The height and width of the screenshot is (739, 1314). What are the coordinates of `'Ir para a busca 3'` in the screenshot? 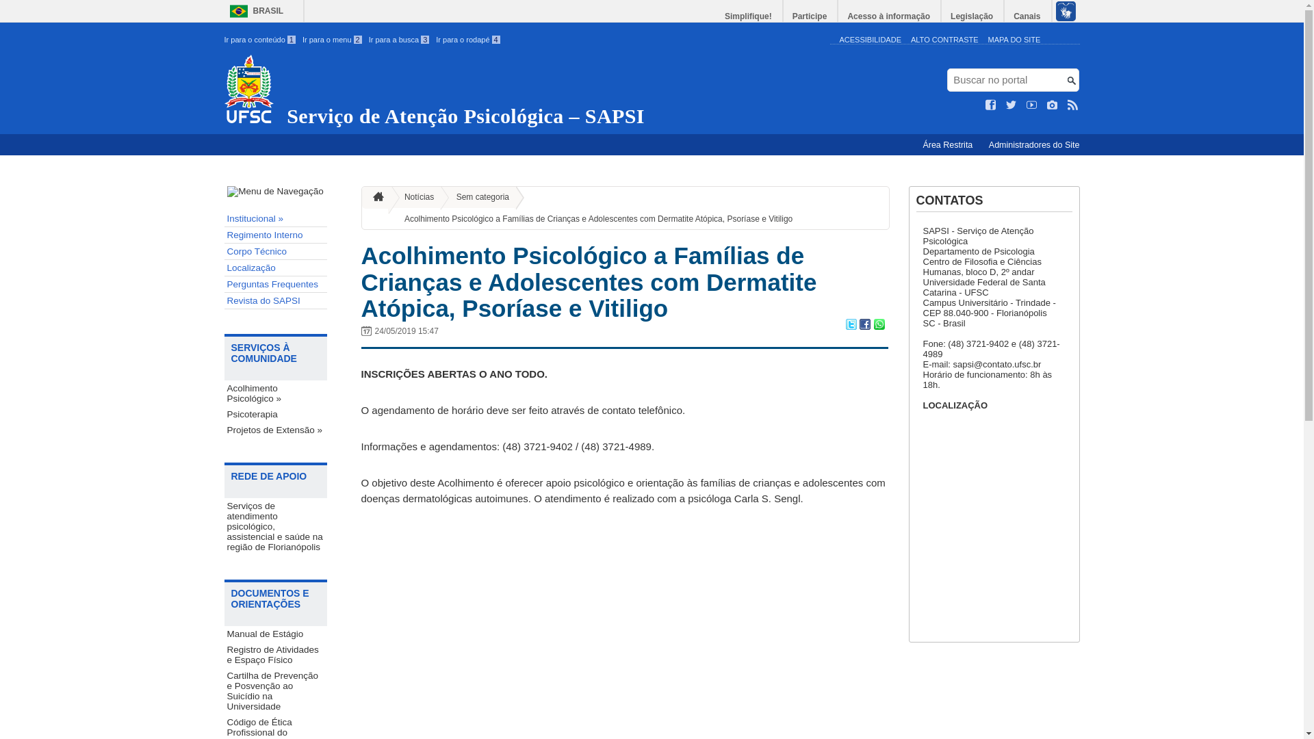 It's located at (368, 38).